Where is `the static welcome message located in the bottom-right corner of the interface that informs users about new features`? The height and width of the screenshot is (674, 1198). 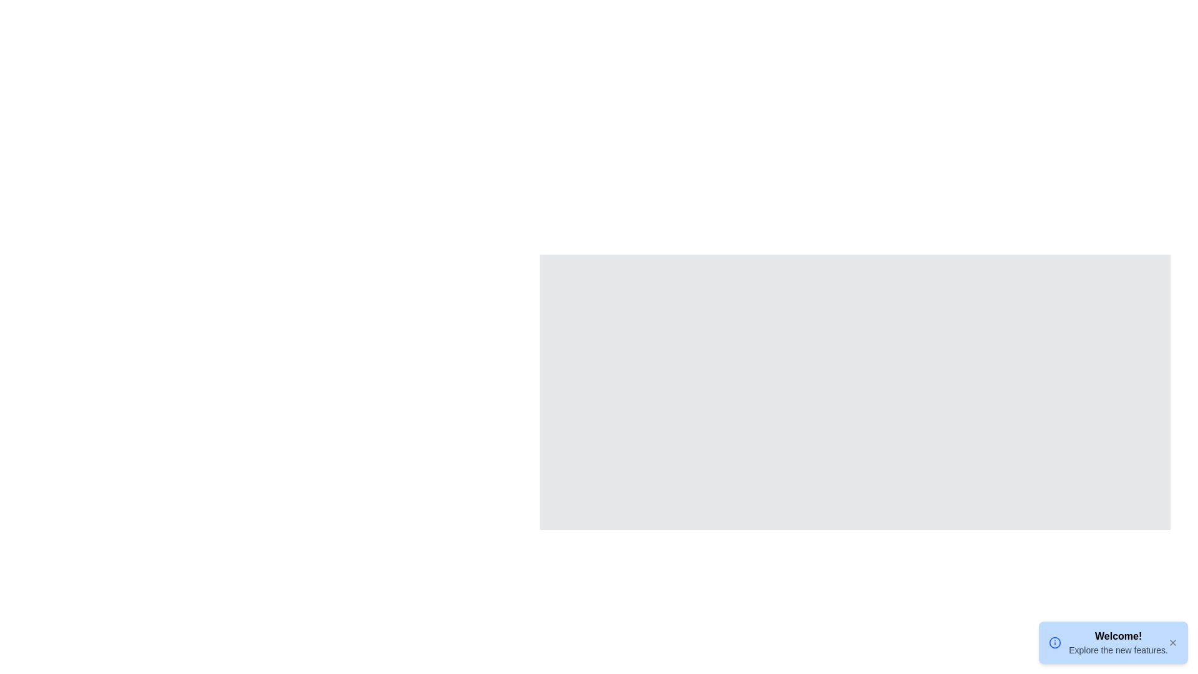
the static welcome message located in the bottom-right corner of the interface that informs users about new features is located at coordinates (1118, 642).